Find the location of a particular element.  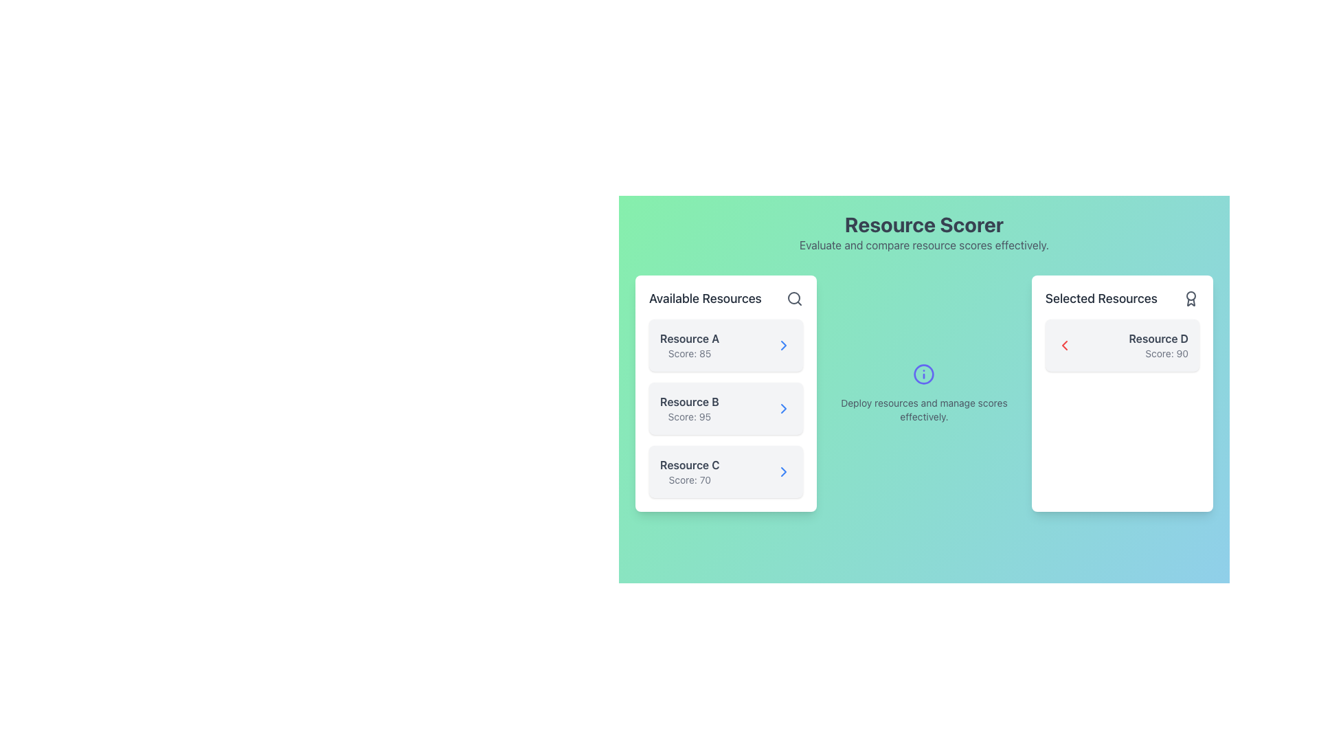

the arrow of the second list item labeled 'Resource B' under the 'Available Resources' section is located at coordinates (725, 394).